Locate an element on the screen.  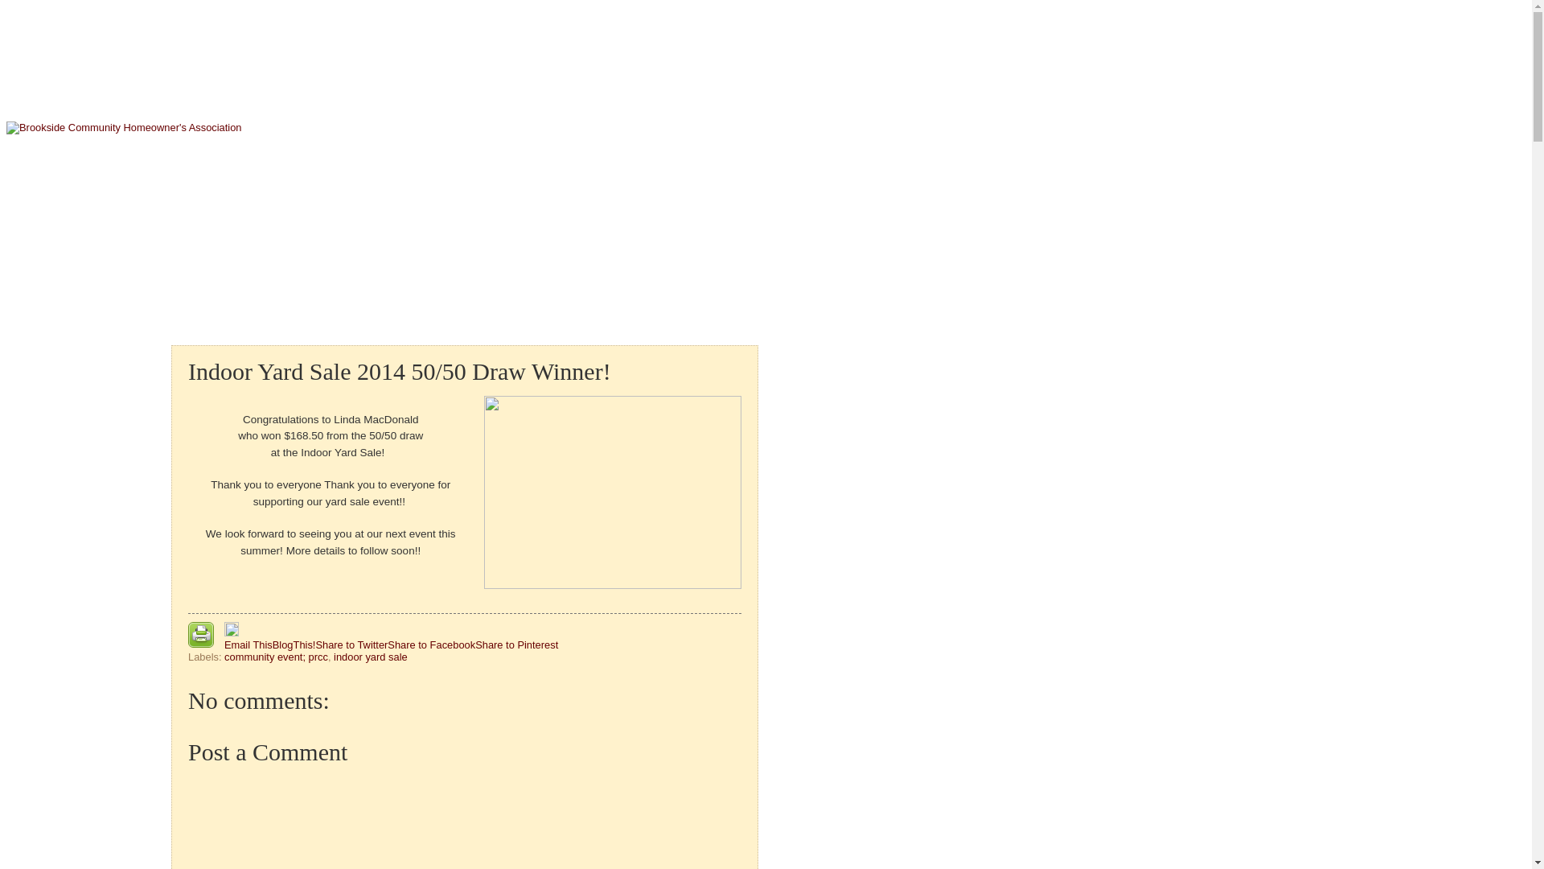
'BlogThis!' is located at coordinates (294, 644).